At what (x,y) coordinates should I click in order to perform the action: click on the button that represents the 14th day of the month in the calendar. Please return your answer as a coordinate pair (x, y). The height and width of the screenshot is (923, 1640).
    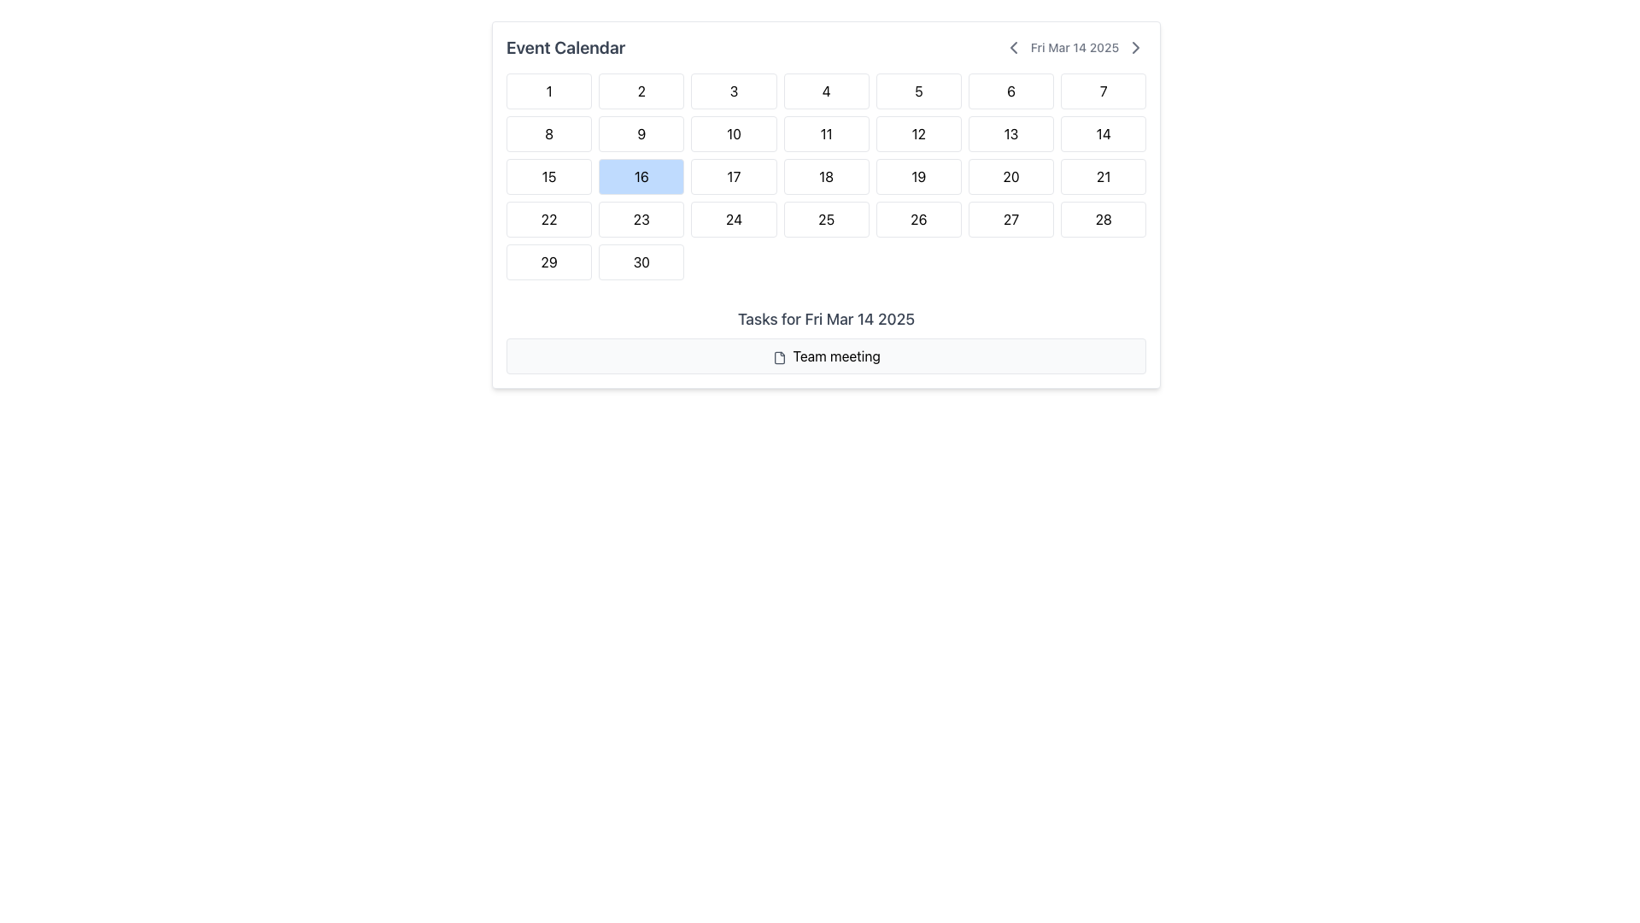
    Looking at the image, I should click on (1104, 133).